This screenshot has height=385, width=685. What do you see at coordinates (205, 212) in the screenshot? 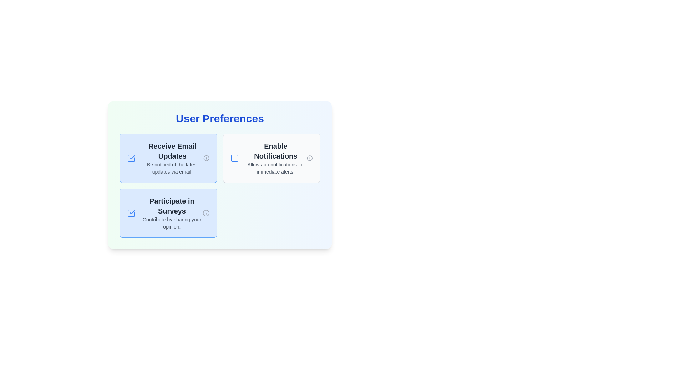
I see `the circular gray information icon located in the lower-left section of the user preference grid, specifically in the card titled 'Participate in Surveys'` at bounding box center [205, 212].